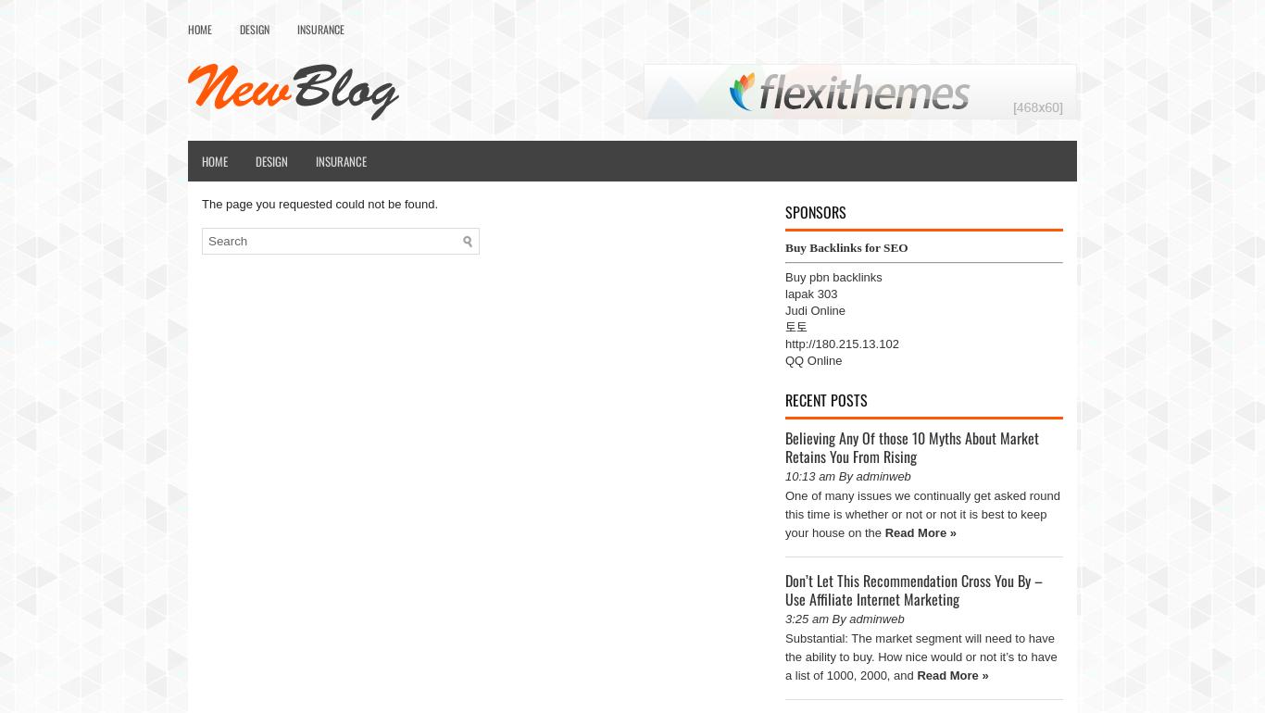  What do you see at coordinates (814, 310) in the screenshot?
I see `'Judi Online'` at bounding box center [814, 310].